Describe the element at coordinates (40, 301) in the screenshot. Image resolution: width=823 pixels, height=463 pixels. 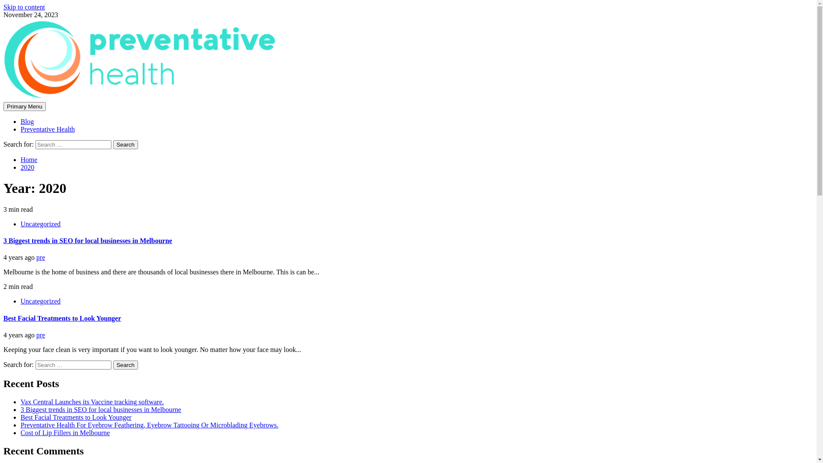
I see `'Uncategorized'` at that location.